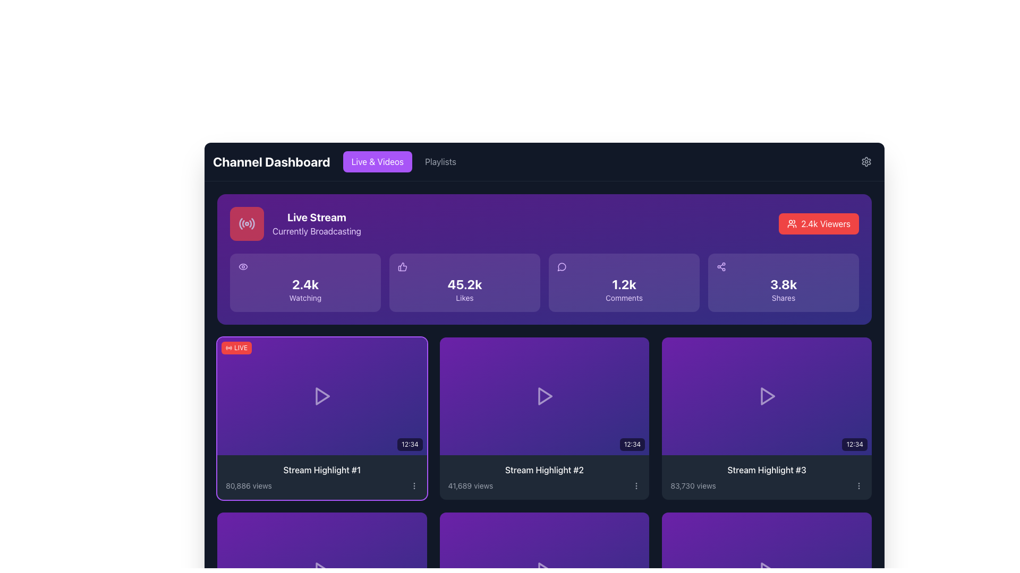 This screenshot has height=573, width=1020. I want to click on the first button located in the horizontal group following the 'Channel Dashboard' label, so click(403, 161).